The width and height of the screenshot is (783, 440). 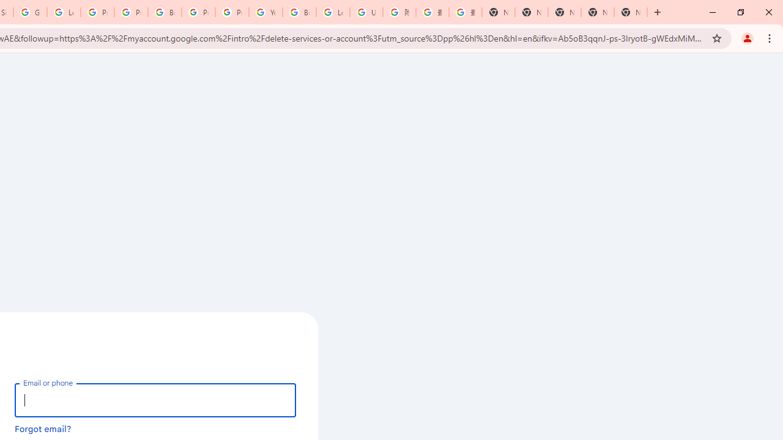 I want to click on 'New Tab', so click(x=631, y=12).